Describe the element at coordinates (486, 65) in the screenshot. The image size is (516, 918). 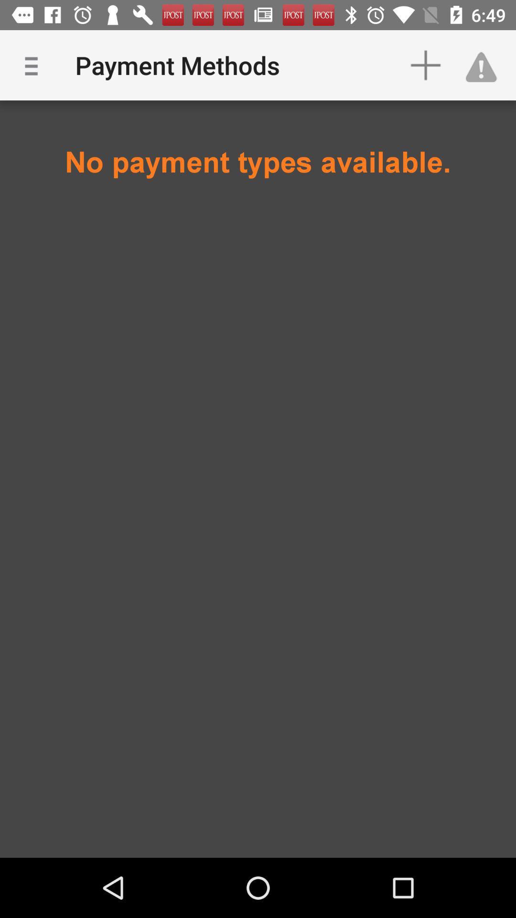
I see `item above no payment types icon` at that location.